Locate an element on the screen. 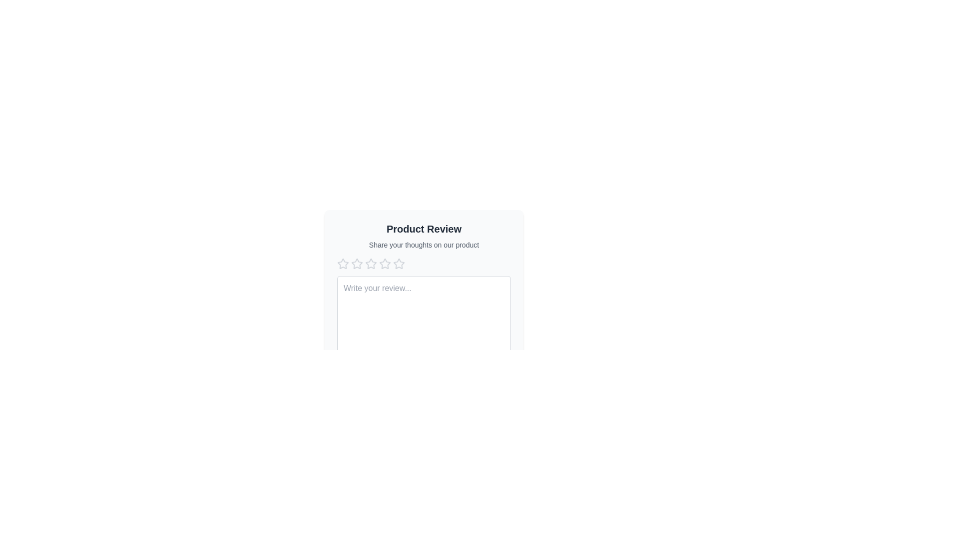 The height and width of the screenshot is (539, 959). the third star-shaped icon with a hollow outline and gray color, used for ratings in the 'Product Review' section is located at coordinates (398, 263).